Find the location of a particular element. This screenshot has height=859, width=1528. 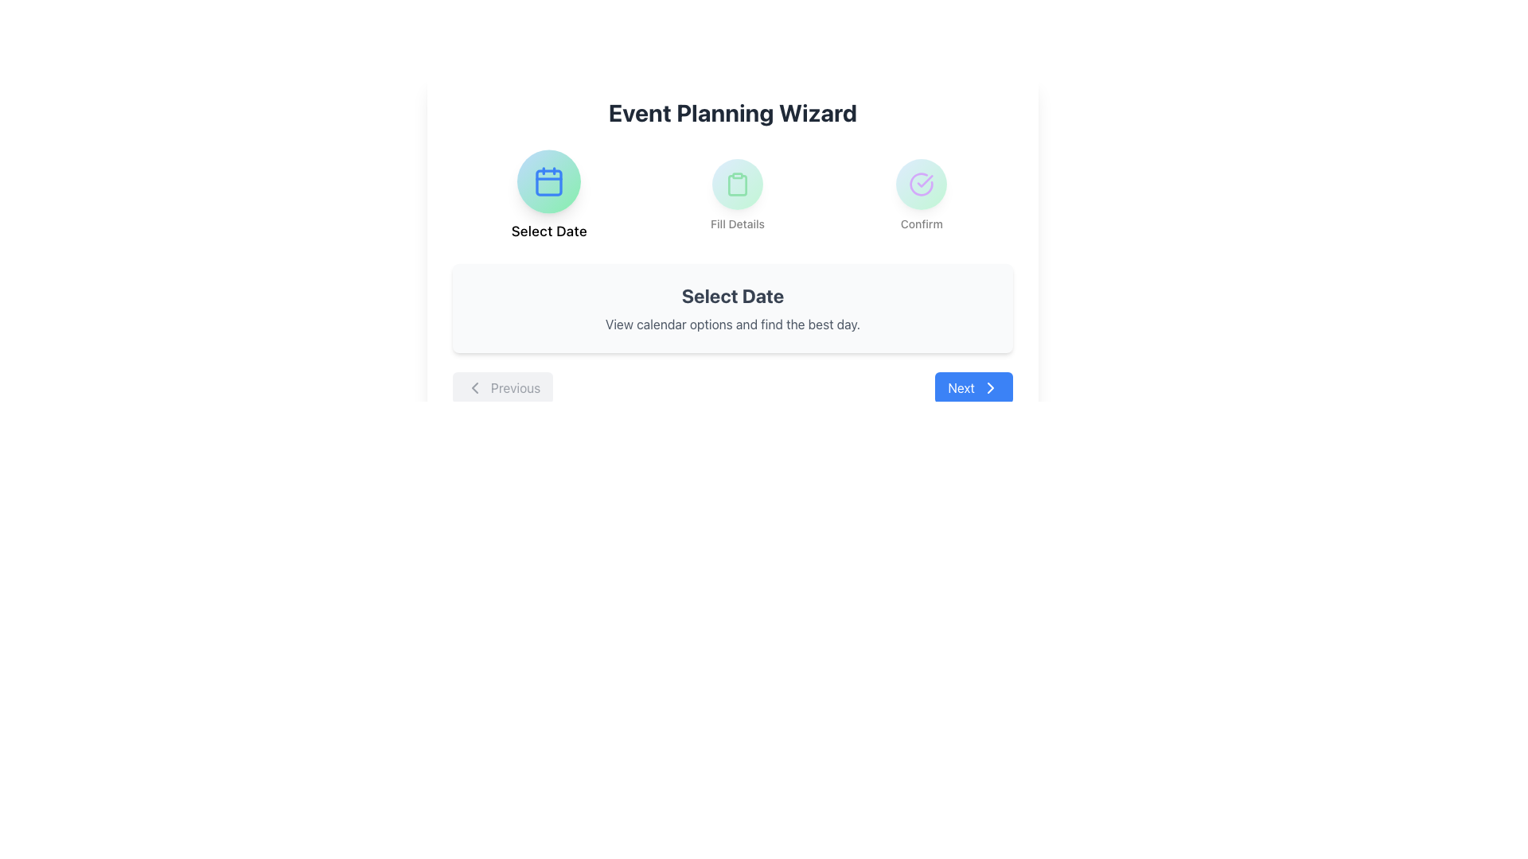

the 'Confirm' icon in the Event Planning Wizard process, which is represented by a decorative circle located in the top-right section of the interface is located at coordinates (922, 183).